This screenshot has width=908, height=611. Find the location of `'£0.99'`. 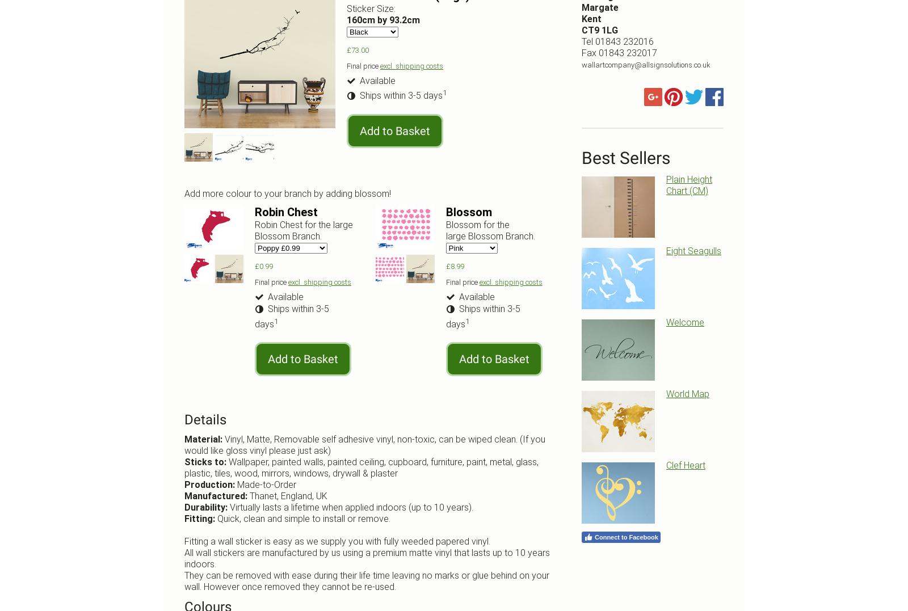

'£0.99' is located at coordinates (254, 266).